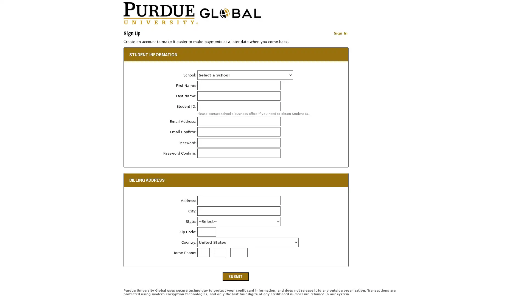 Image resolution: width=527 pixels, height=296 pixels. I want to click on Submit, so click(235, 277).